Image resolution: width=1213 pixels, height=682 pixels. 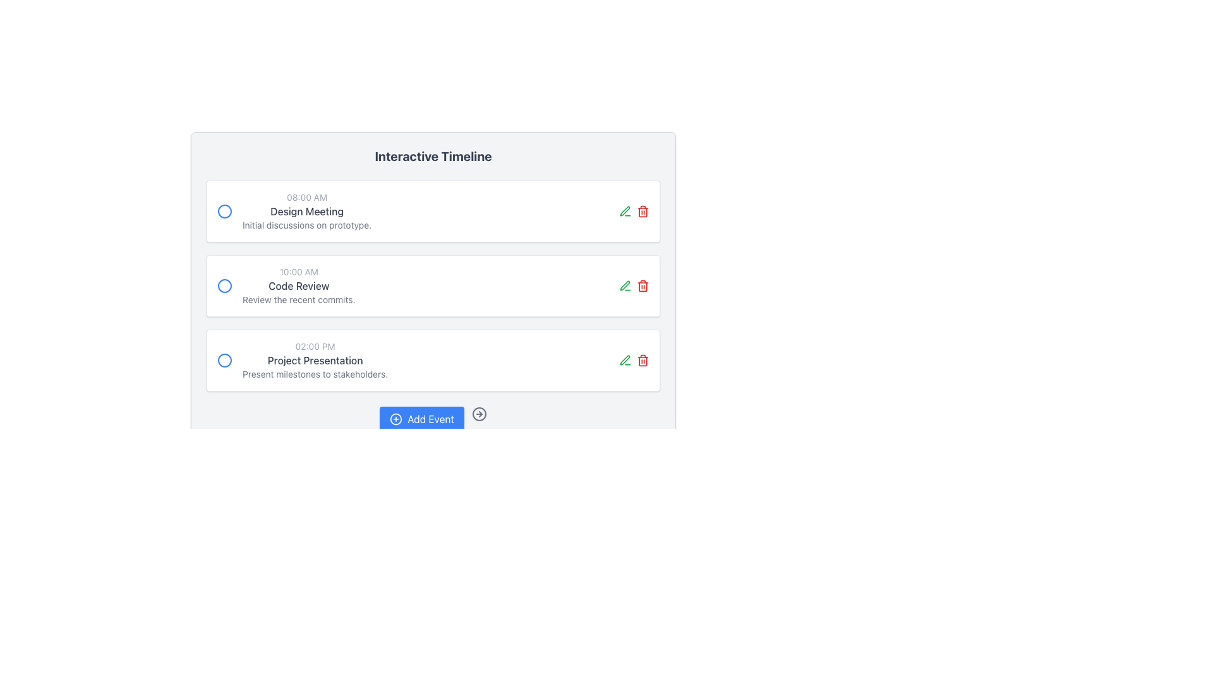 I want to click on the text block containing the timestamp '10:00 AM', the title 'Code Review', and the description 'Review the recent commits.', so click(x=298, y=285).